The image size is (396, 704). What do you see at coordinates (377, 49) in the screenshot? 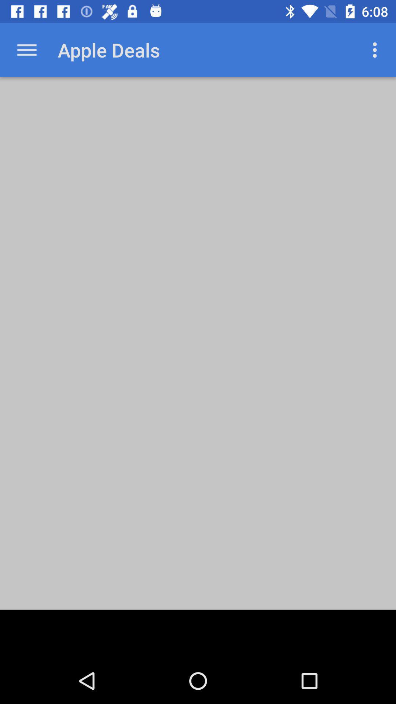
I see `app to the right of the apple deals` at bounding box center [377, 49].